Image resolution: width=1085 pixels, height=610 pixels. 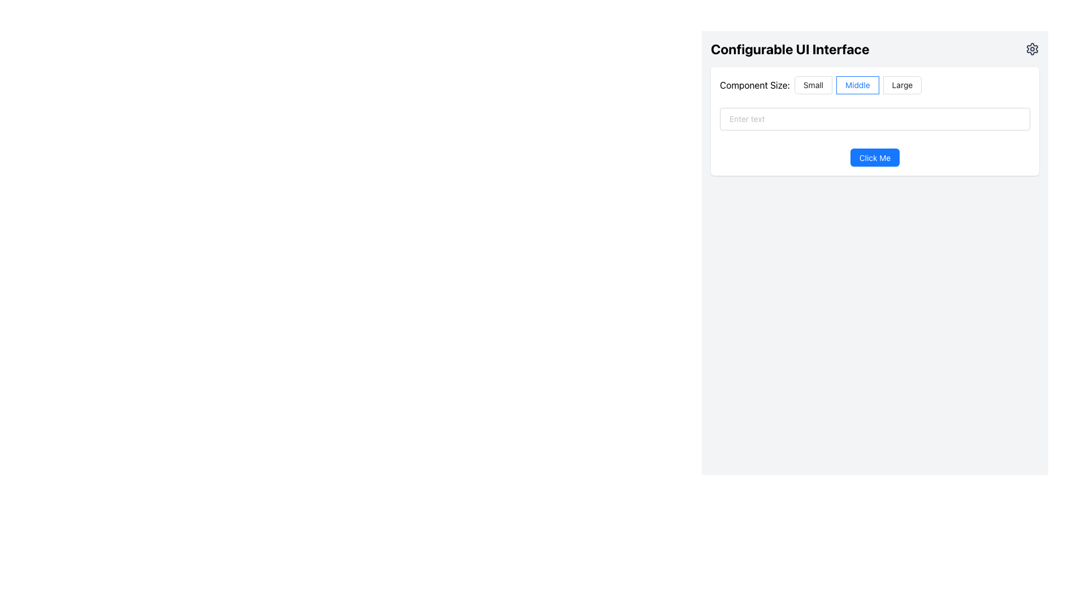 What do you see at coordinates (874, 157) in the screenshot?
I see `the blue rounded rectangular button labeled 'Click Me'` at bounding box center [874, 157].